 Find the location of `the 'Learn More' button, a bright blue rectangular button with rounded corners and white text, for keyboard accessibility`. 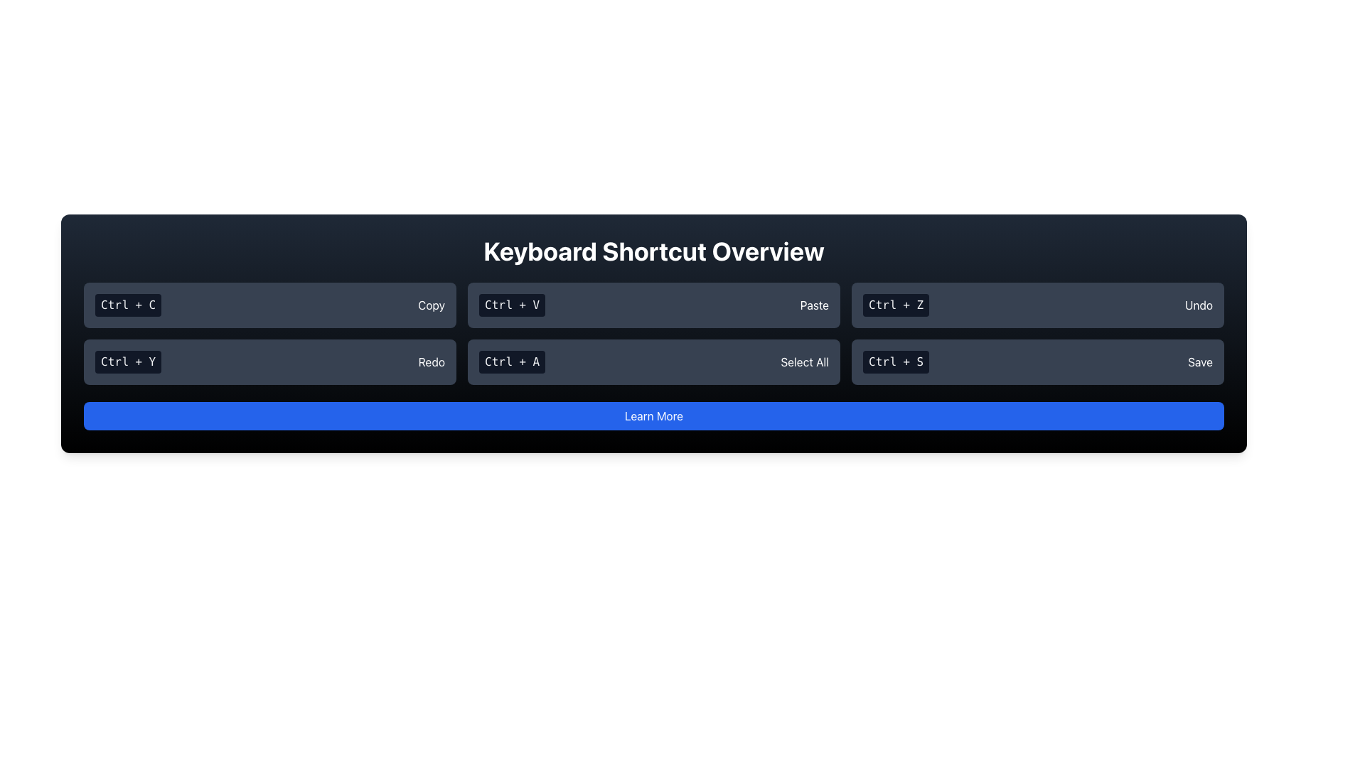

the 'Learn More' button, a bright blue rectangular button with rounded corners and white text, for keyboard accessibility is located at coordinates (653, 415).